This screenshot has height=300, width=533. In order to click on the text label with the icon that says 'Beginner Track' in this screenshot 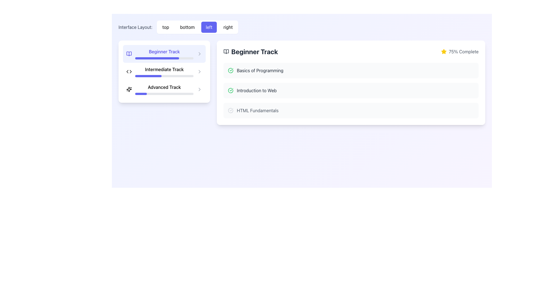, I will do `click(250, 51)`.